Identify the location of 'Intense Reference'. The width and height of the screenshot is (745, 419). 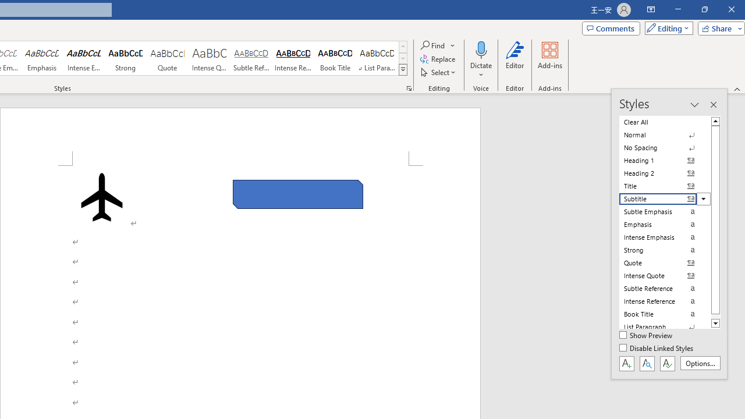
(293, 58).